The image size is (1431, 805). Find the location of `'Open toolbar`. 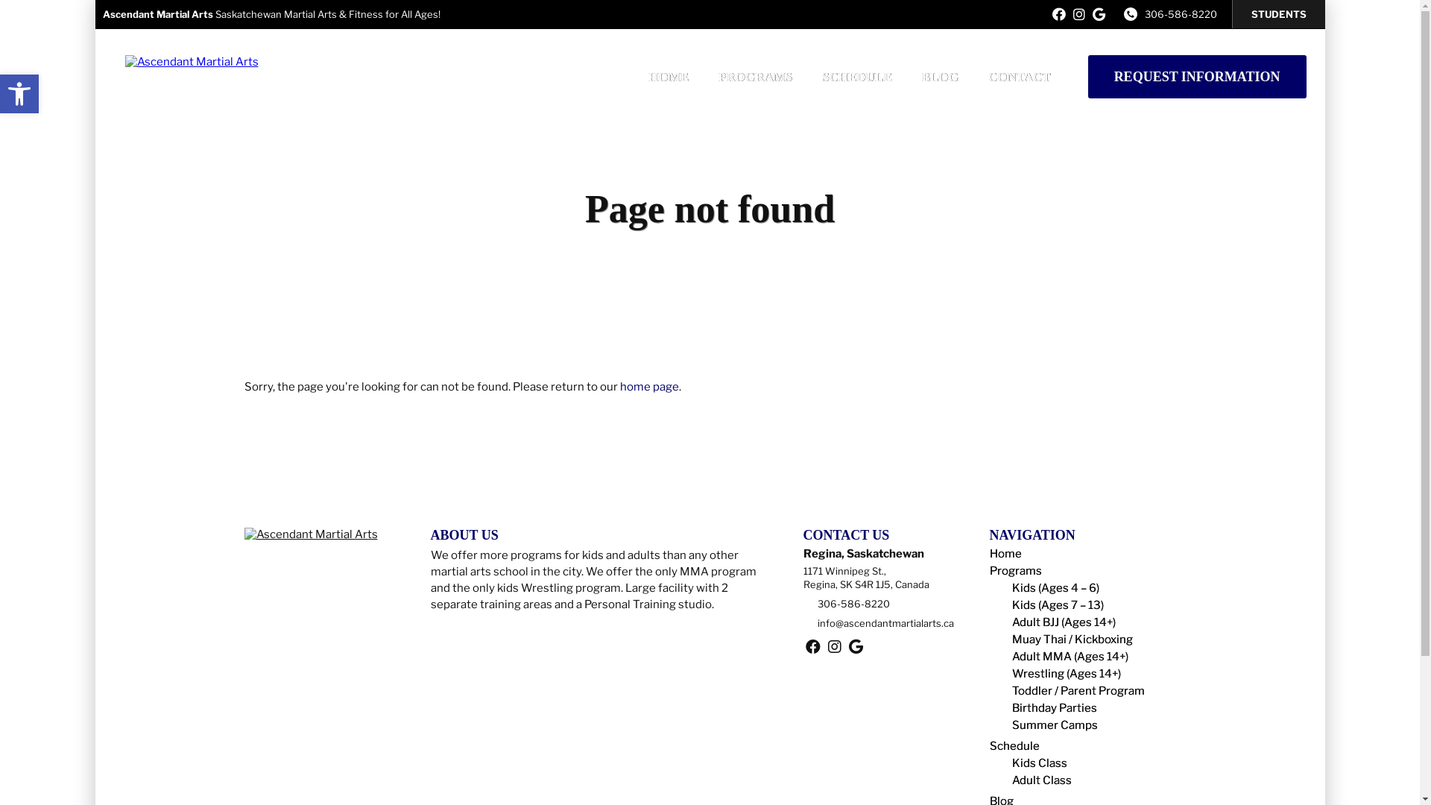

'Open toolbar is located at coordinates (19, 94).